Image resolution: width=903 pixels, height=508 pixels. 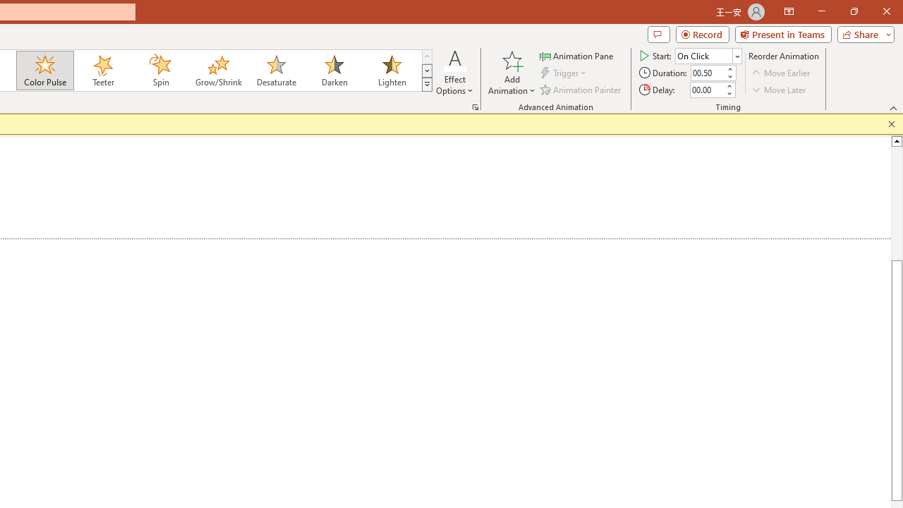 What do you see at coordinates (217, 71) in the screenshot?
I see `'Grow/Shrink'` at bounding box center [217, 71].